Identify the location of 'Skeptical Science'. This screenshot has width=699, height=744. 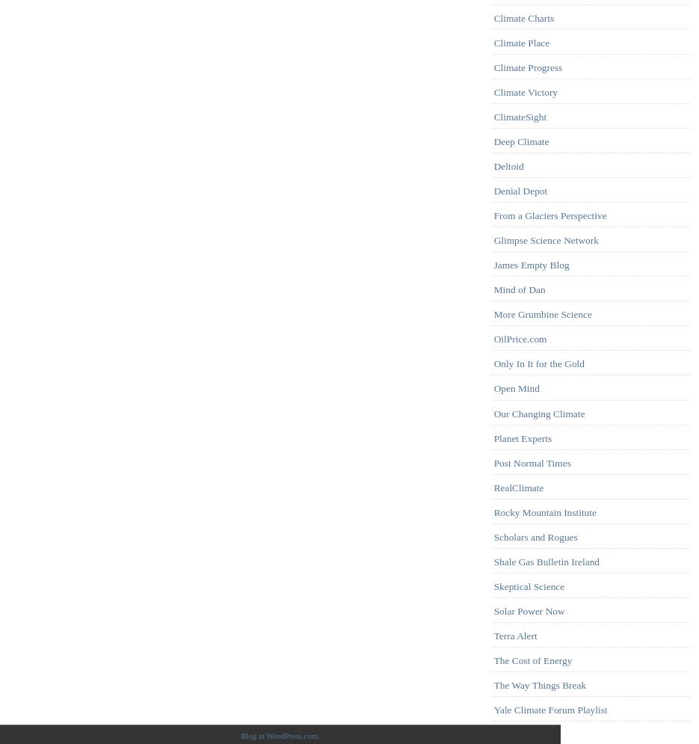
(528, 585).